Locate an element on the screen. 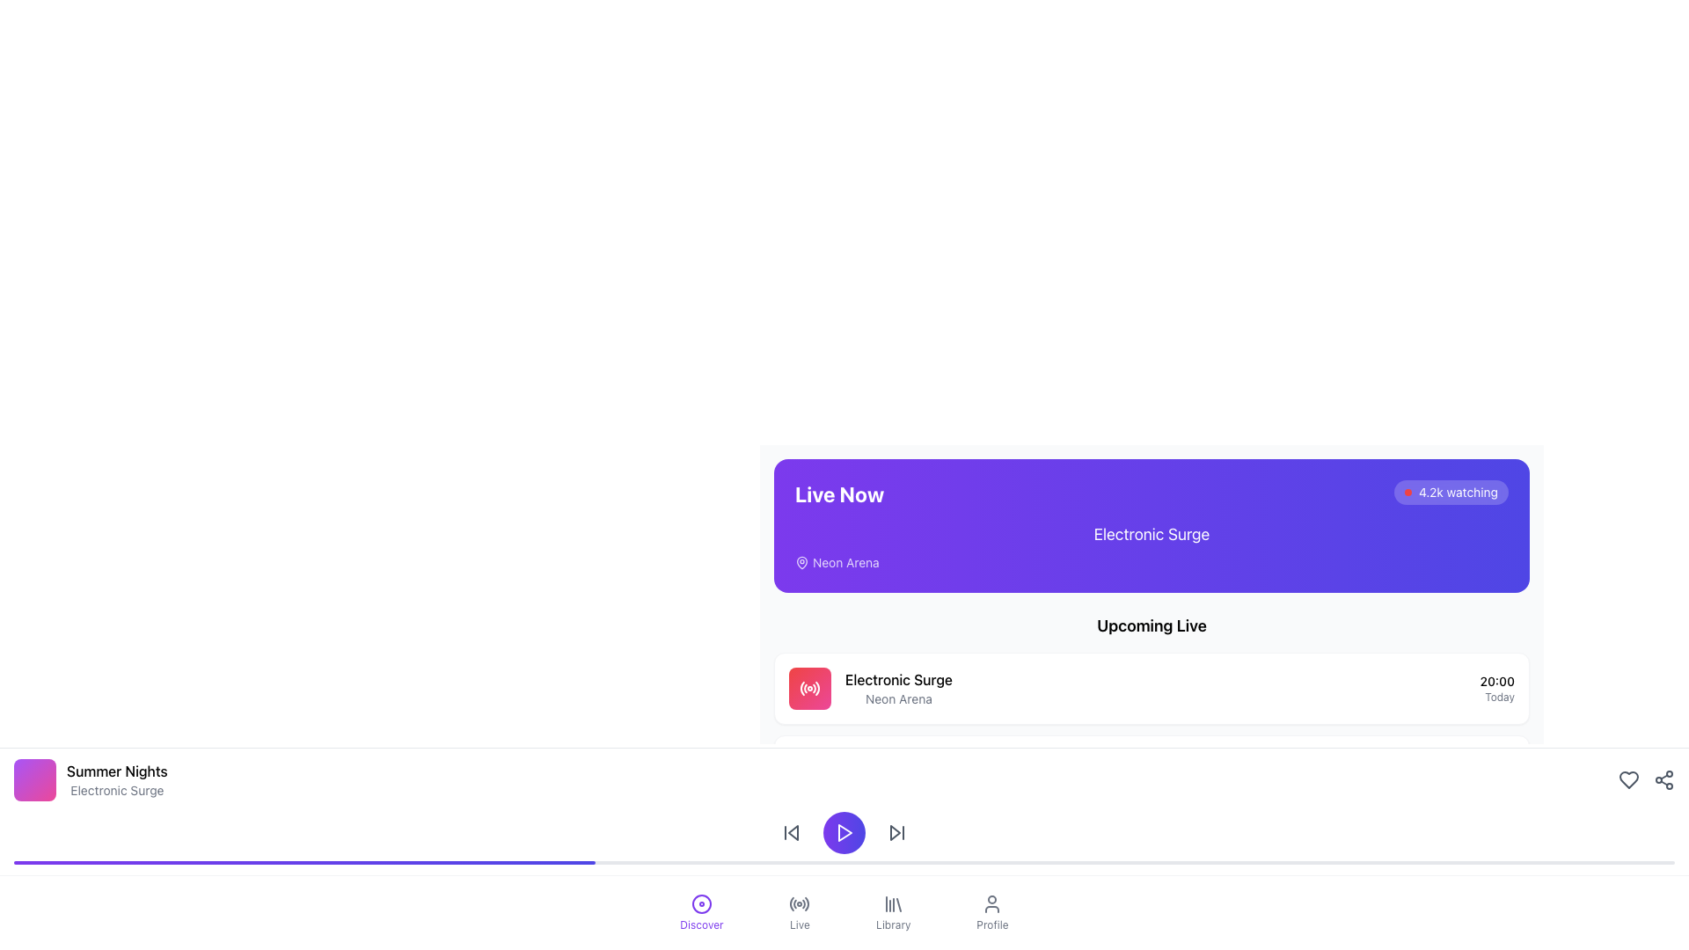 This screenshot has height=950, width=1689. the vertically-oriented library icon located above the 'Library' label in the bottom navigation bar is located at coordinates (893, 904).